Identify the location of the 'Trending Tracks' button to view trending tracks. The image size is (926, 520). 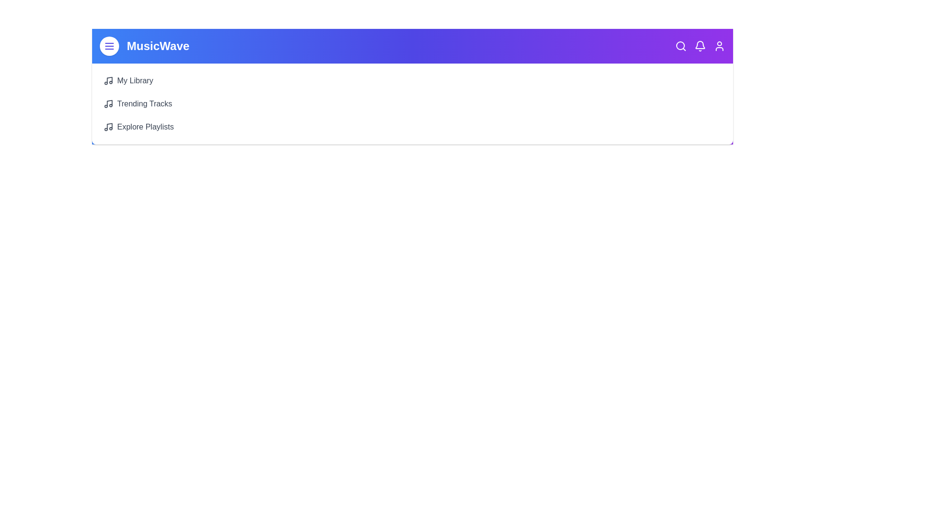
(137, 104).